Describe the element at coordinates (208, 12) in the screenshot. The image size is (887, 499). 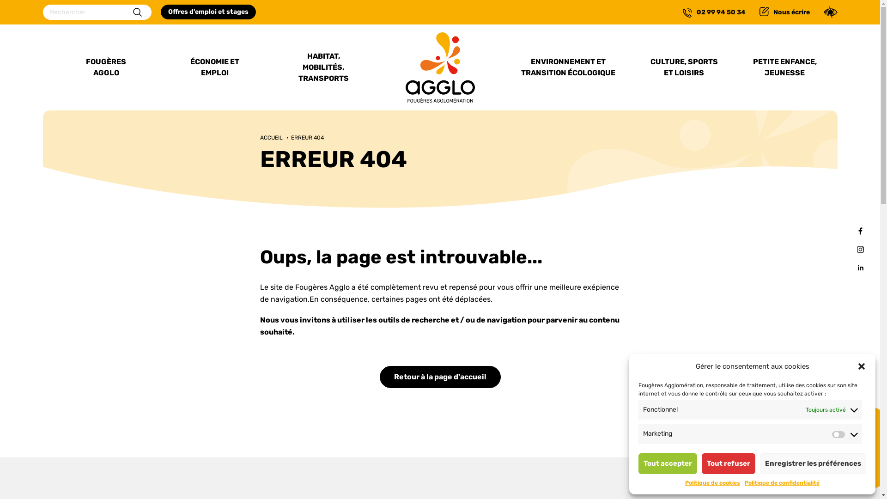
I see `'Offres d'emploi et stages'` at that location.